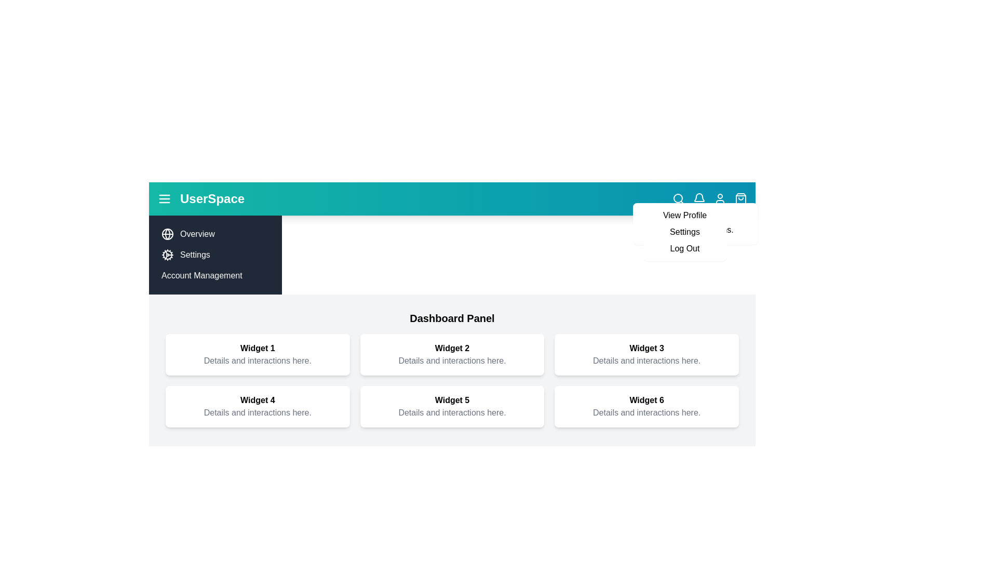 The image size is (997, 561). I want to click on the user profile button, which is the sixth icon in the horizontal group of icons at the top-right corner of the page, positioned between the bell notification icon and the shopping bag icon, so click(720, 198).